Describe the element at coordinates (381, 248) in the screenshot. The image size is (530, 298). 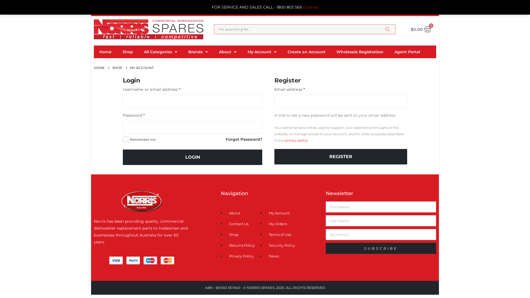
I see `'SUBSCRIBE'` at that location.